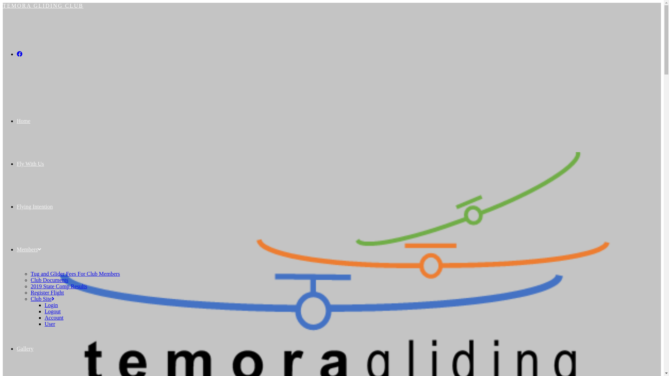 The height and width of the screenshot is (376, 669). Describe the element at coordinates (44, 305) in the screenshot. I see `'Login'` at that location.